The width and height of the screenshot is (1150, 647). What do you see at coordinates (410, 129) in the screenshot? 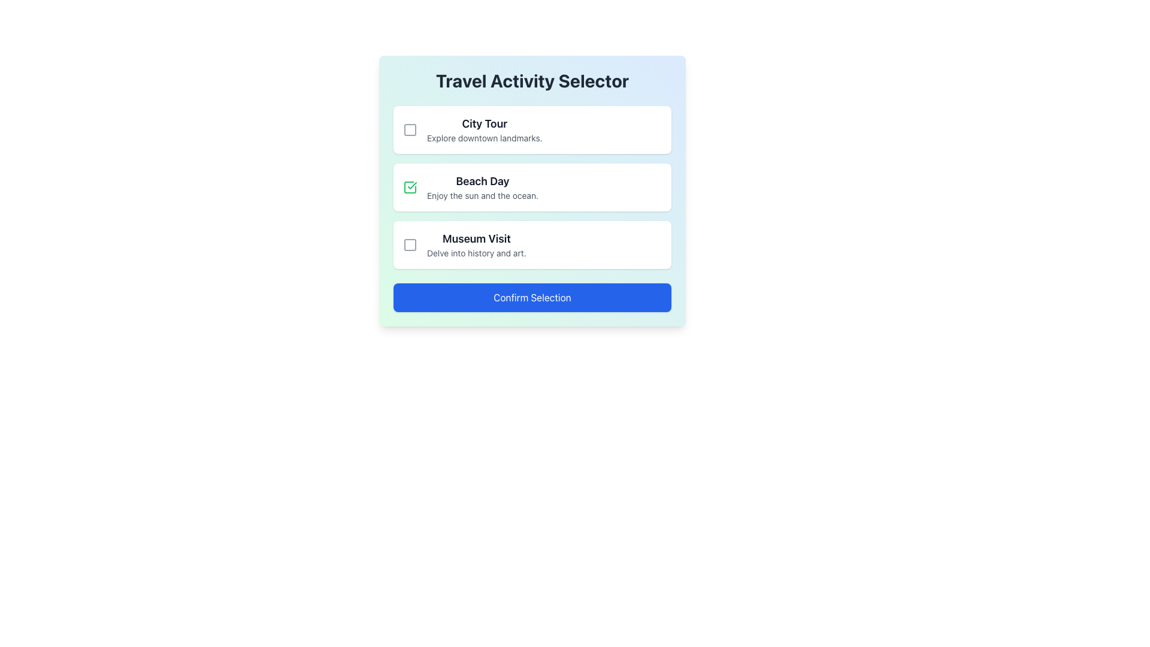
I see `the interactive button for 'City Tour' located in the first row of the 'Travel Activity Selector'` at bounding box center [410, 129].